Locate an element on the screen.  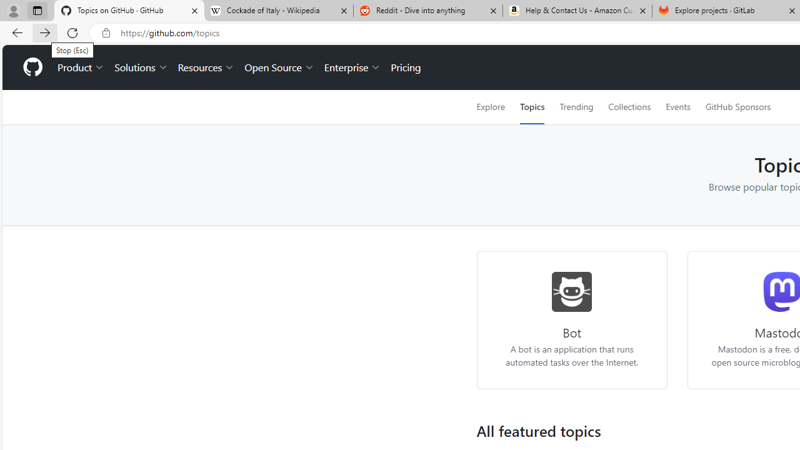
'Open Source' is located at coordinates (278, 67).